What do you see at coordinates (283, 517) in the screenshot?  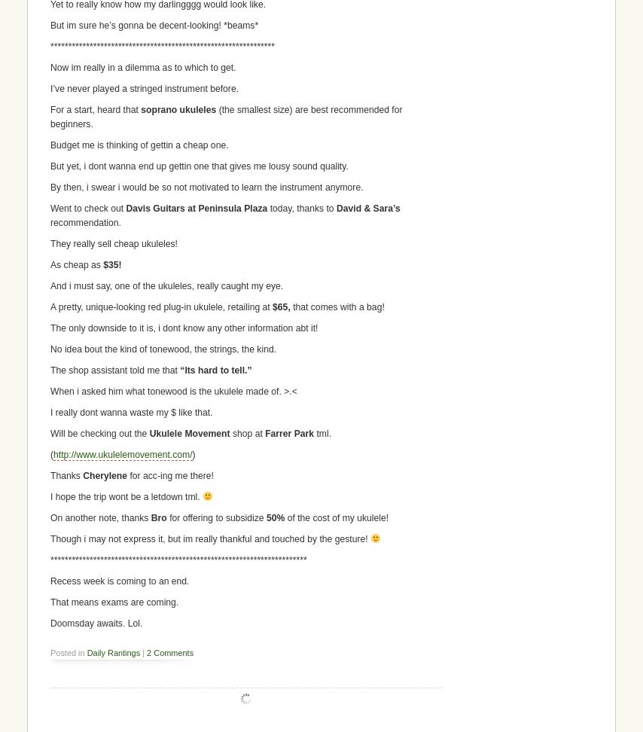 I see `'of the cost of my ukulele!'` at bounding box center [283, 517].